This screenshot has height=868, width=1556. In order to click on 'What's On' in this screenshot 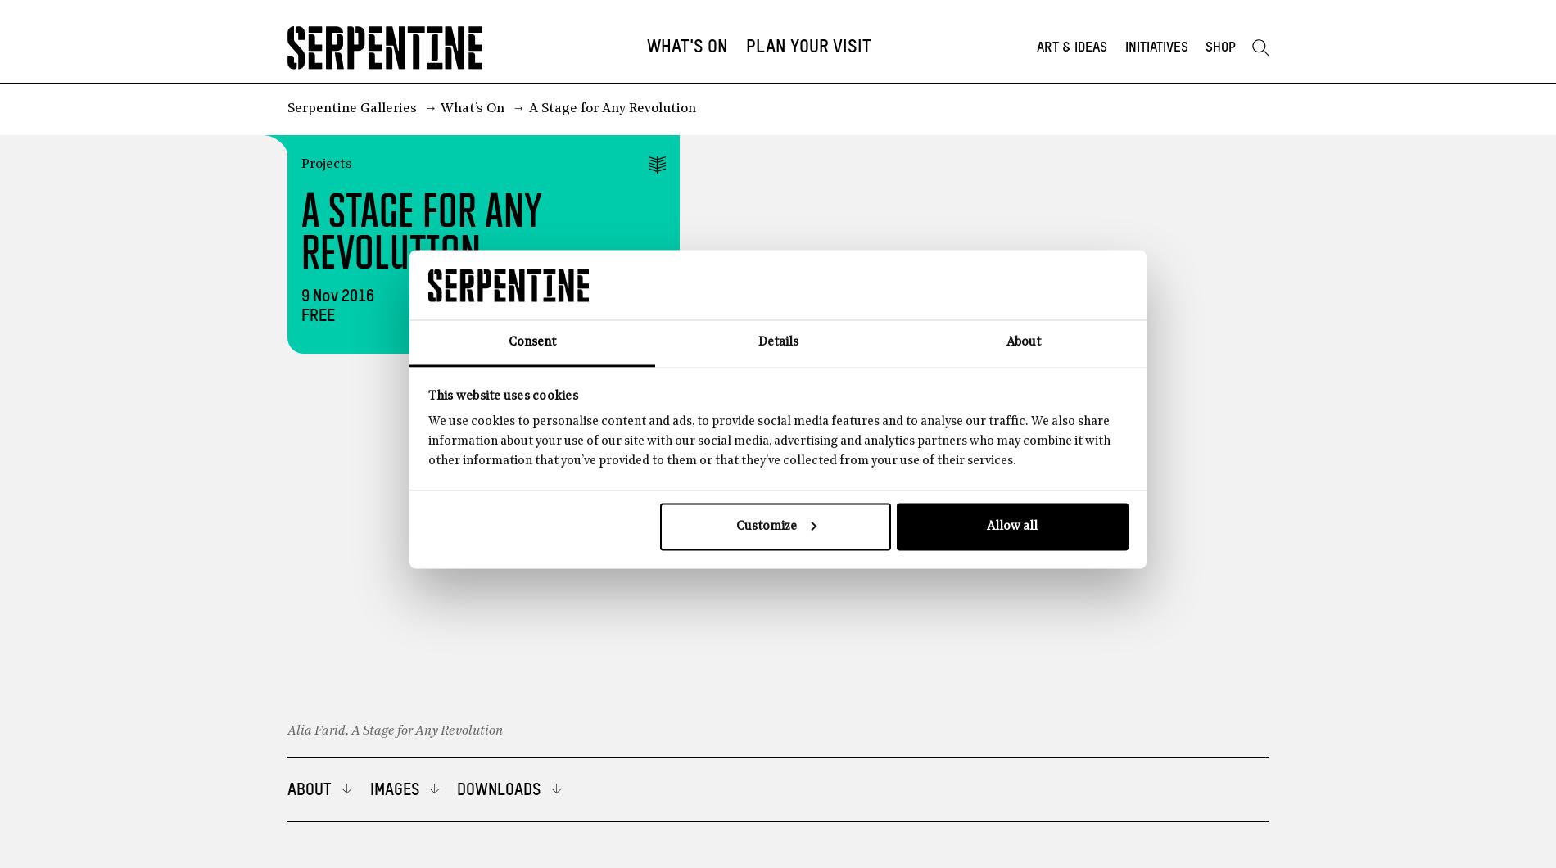, I will do `click(686, 47)`.